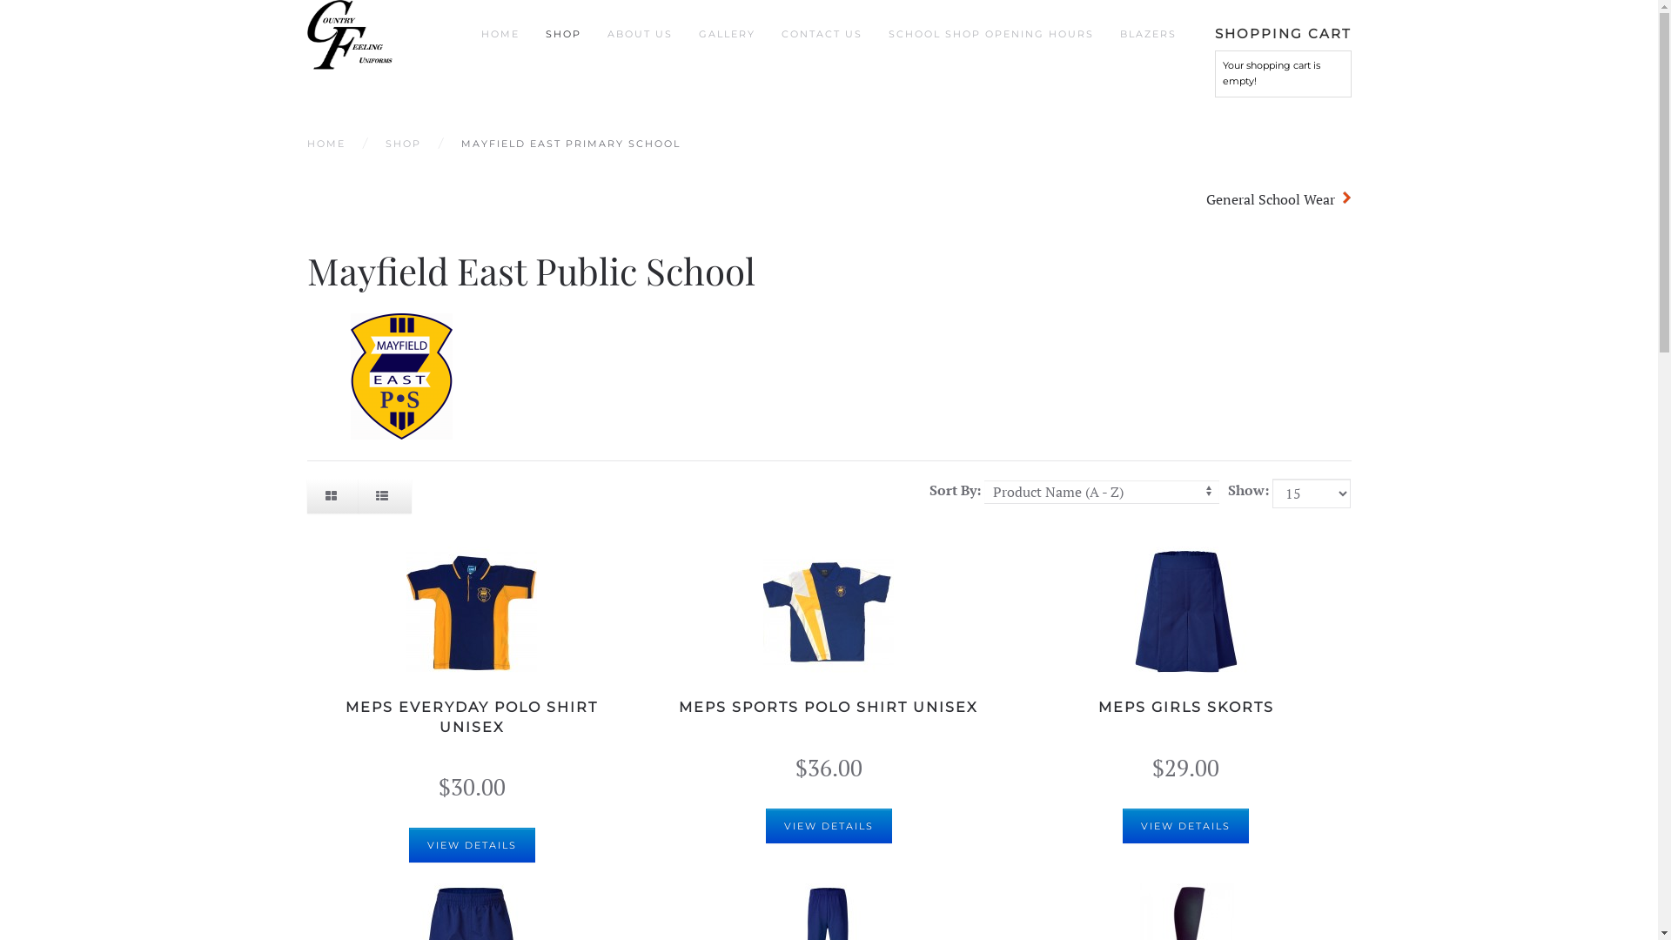 The image size is (1671, 940). Describe the element at coordinates (1120, 610) in the screenshot. I see `'MEPS Girls Skorts'` at that location.